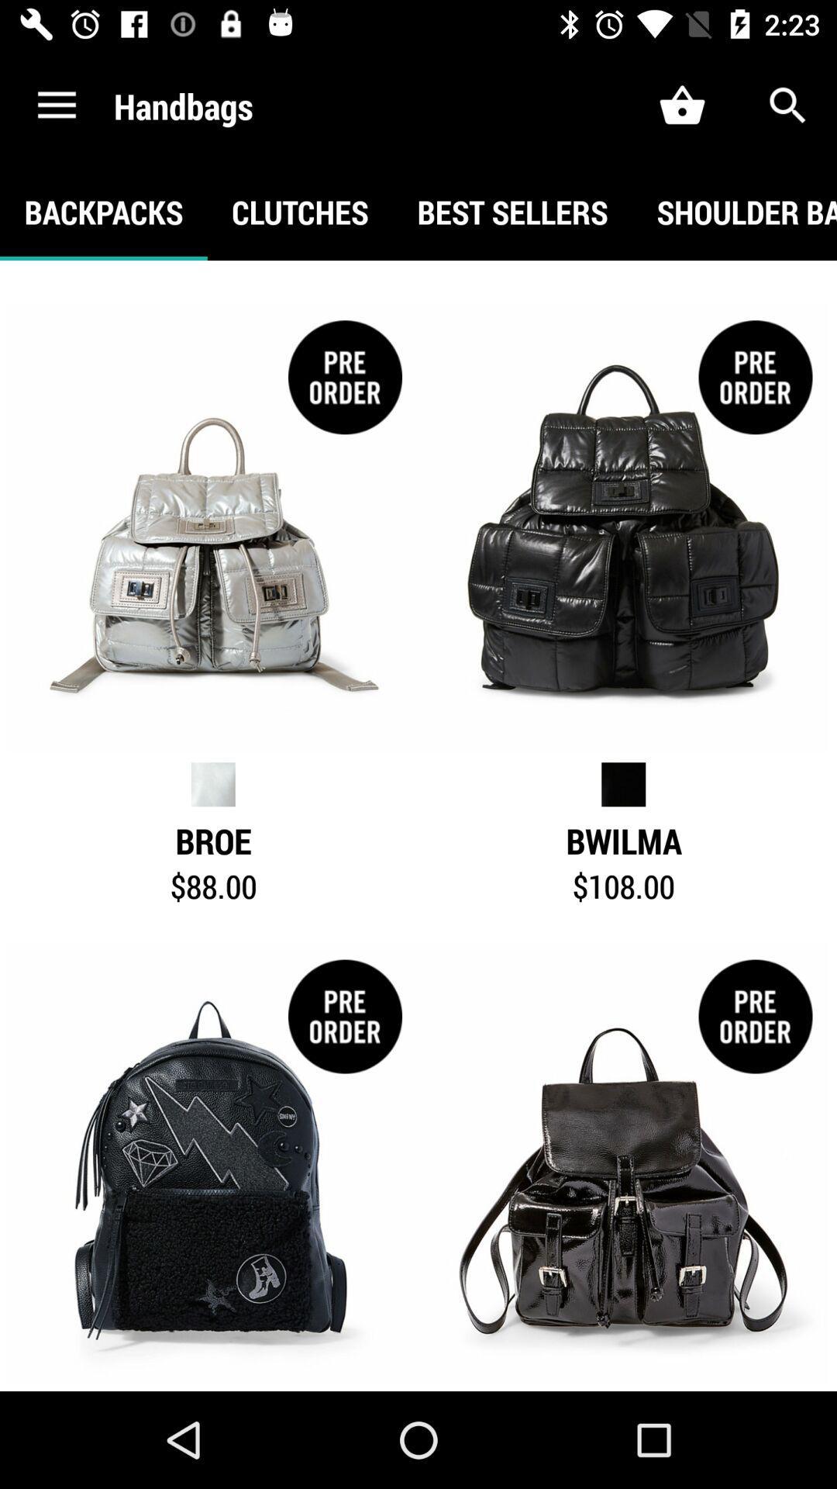  Describe the element at coordinates (56, 105) in the screenshot. I see `the icon to the left of the handbags` at that location.